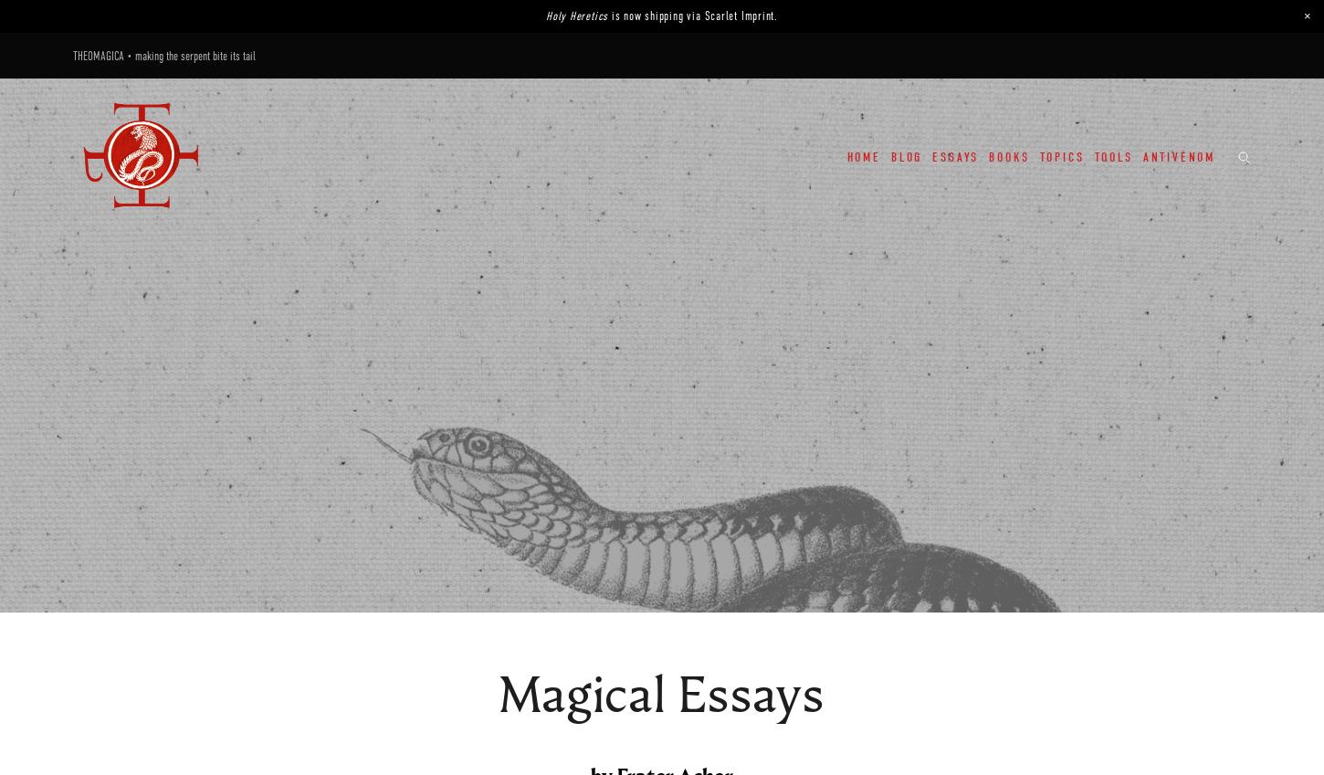  Describe the element at coordinates (660, 693) in the screenshot. I see `'Magical Essays'` at that location.